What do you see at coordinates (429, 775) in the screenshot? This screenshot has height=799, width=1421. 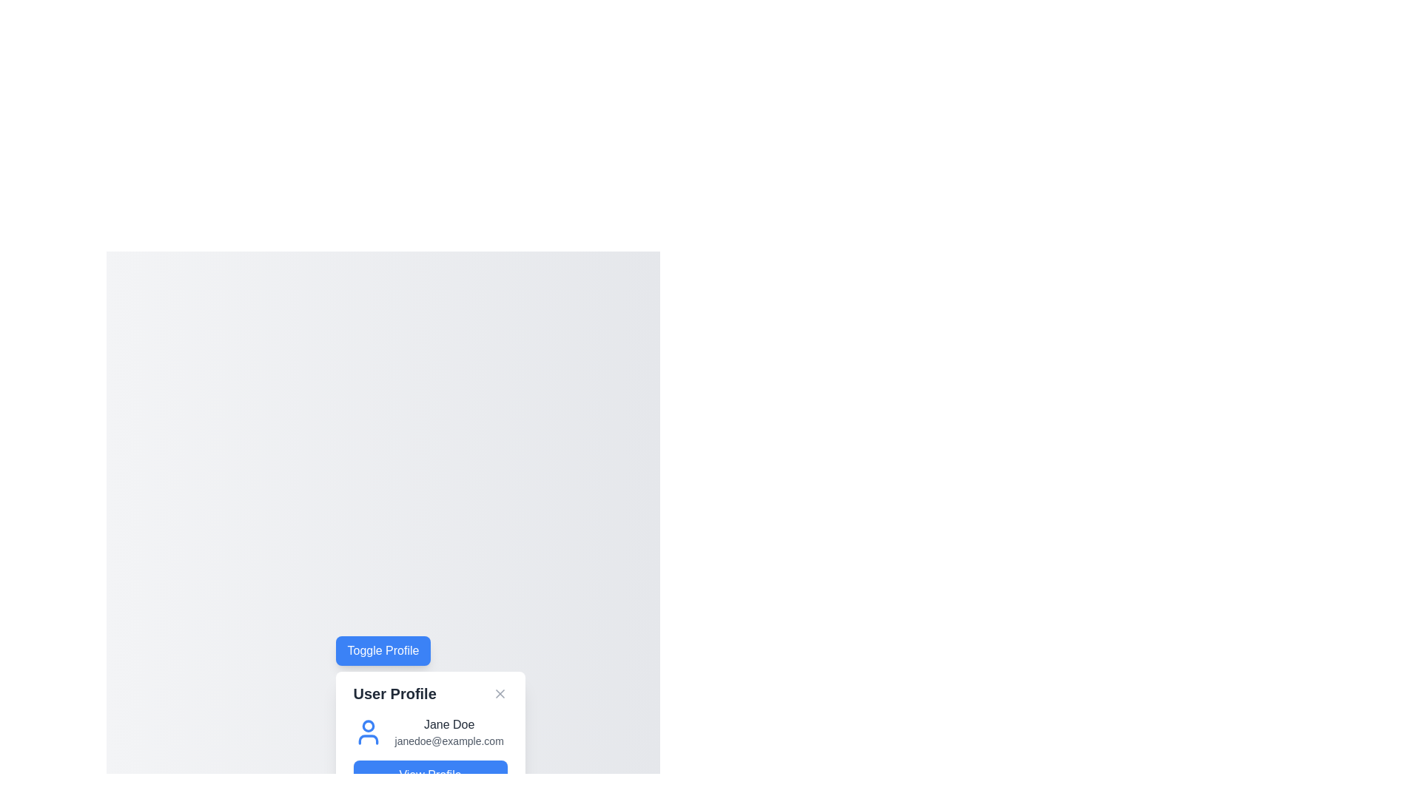 I see `the profile button located at the bottom-right corner of the card interface` at bounding box center [429, 775].